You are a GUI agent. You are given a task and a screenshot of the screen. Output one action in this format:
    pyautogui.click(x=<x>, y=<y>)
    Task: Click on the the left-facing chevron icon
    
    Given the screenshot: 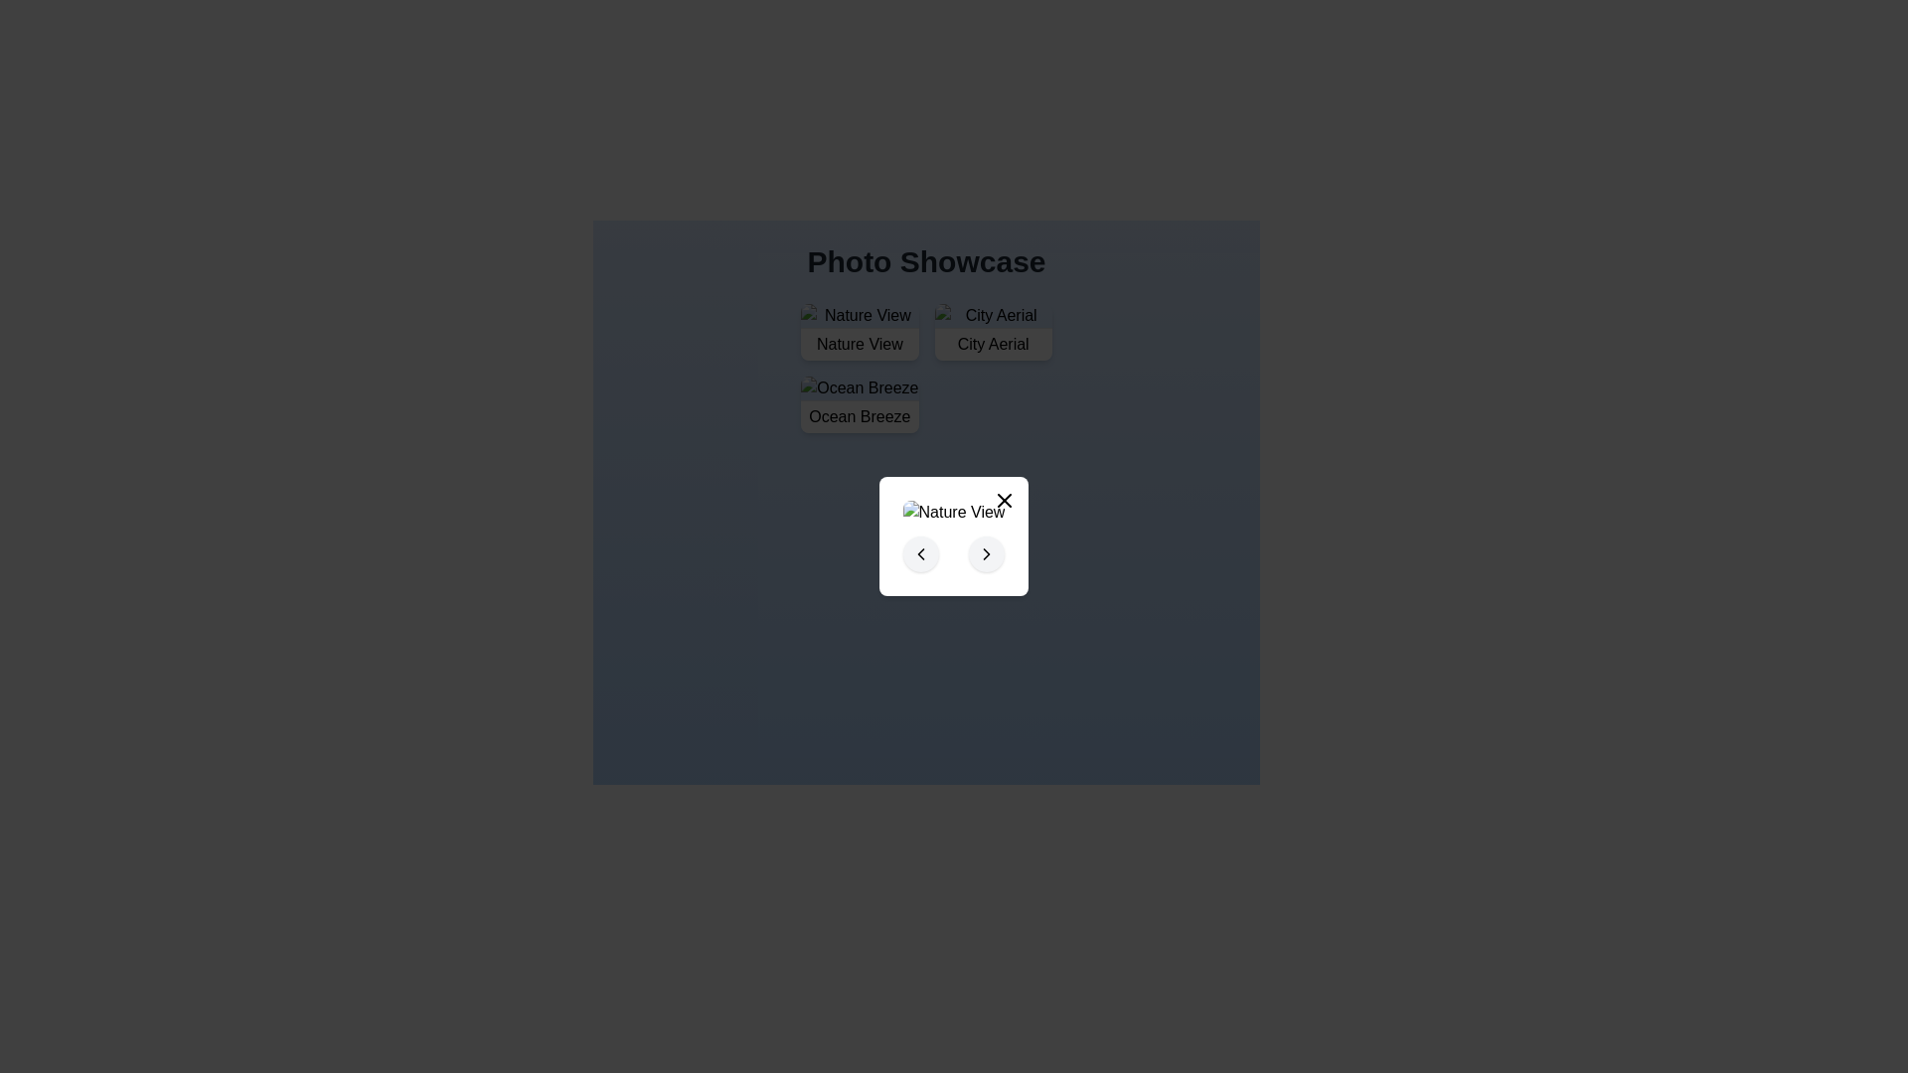 What is the action you would take?
    pyautogui.click(x=919, y=554)
    